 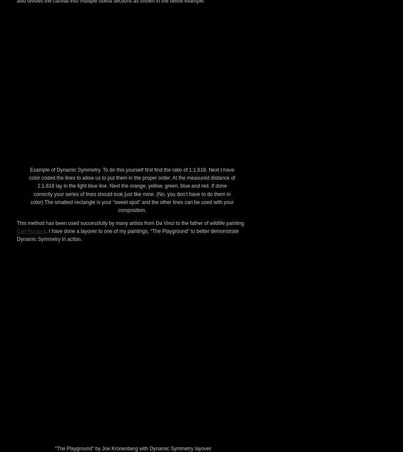 What do you see at coordinates (120, 40) in the screenshot?
I see `'“Mastering Composition”'` at bounding box center [120, 40].